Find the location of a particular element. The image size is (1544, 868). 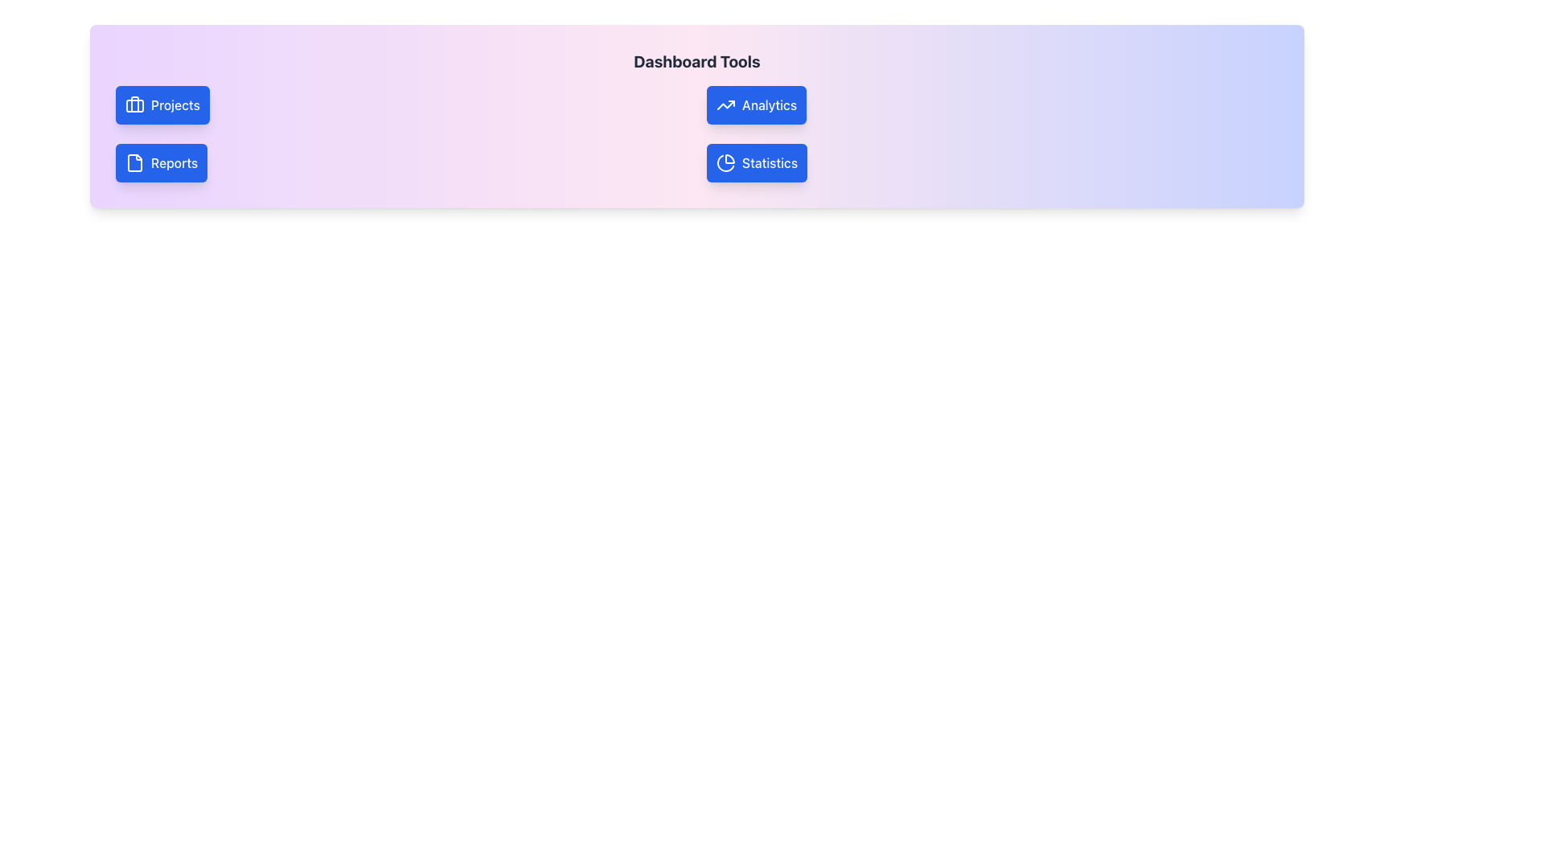

the arrow-shaped icon within the 'Analytics' button in the 'Dashboard Tools' section is located at coordinates (725, 105).